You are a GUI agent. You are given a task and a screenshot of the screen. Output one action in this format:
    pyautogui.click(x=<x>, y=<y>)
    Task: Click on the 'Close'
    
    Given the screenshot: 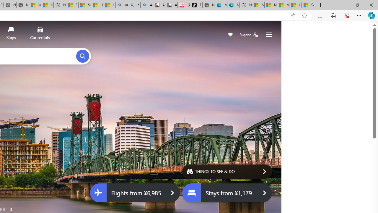 What is the action you would take?
    pyautogui.click(x=371, y=5)
    